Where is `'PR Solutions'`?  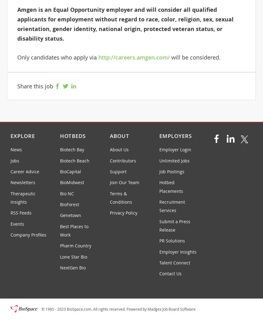
'PR Solutions' is located at coordinates (172, 241).